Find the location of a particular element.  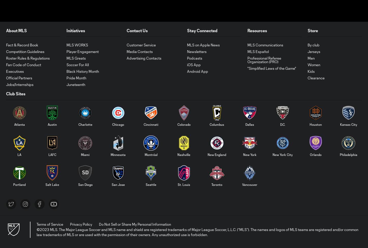

'MLS on Apple News' is located at coordinates (203, 45).